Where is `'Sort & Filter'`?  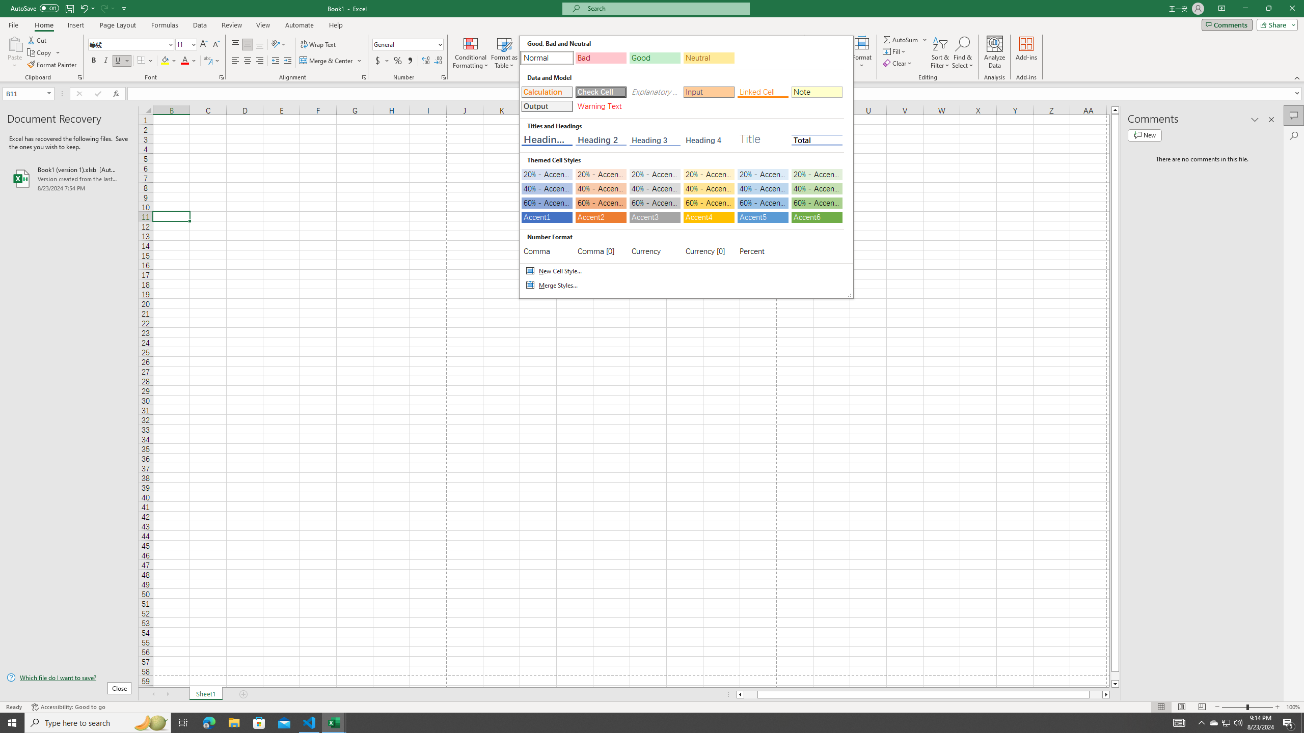 'Sort & Filter' is located at coordinates (939, 52).